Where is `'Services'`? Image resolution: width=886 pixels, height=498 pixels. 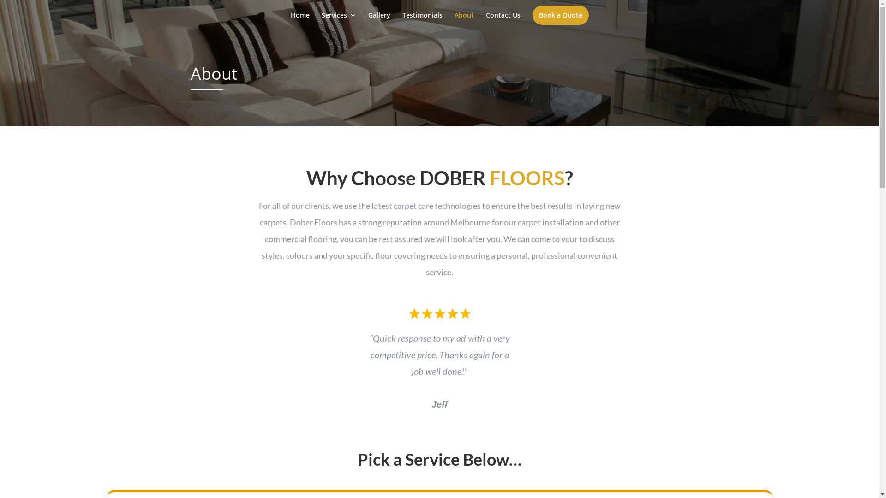 'Services' is located at coordinates (321, 21).